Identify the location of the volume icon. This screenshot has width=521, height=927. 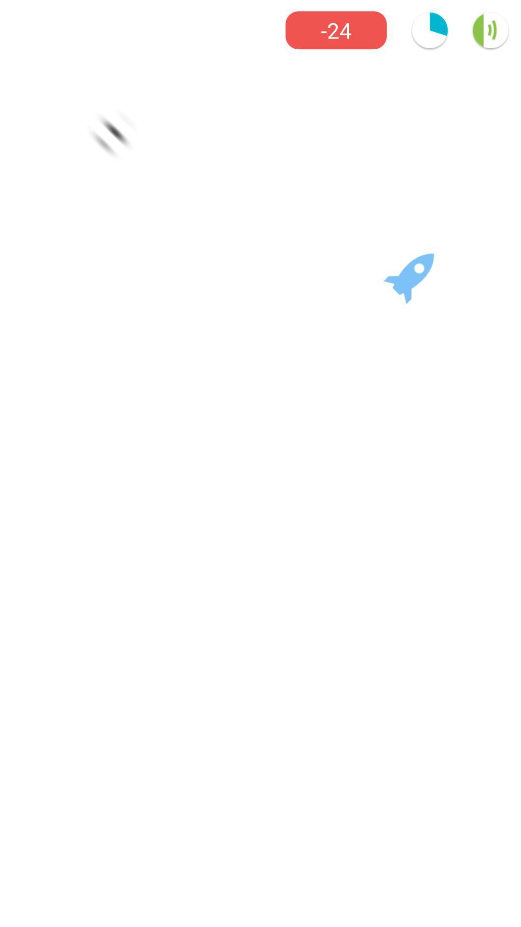
(491, 30).